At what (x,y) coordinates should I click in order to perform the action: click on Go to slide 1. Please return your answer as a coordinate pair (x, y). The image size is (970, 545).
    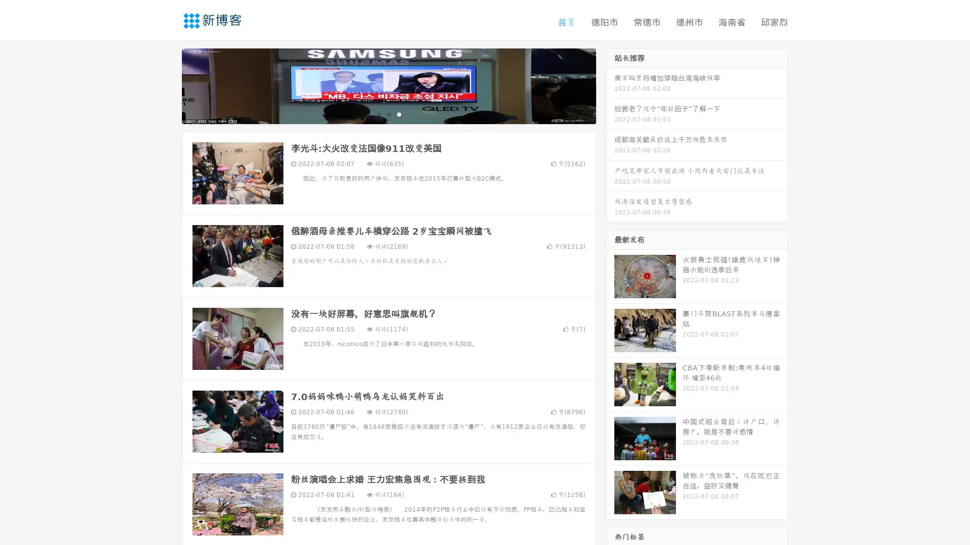
    Looking at the image, I should click on (378, 114).